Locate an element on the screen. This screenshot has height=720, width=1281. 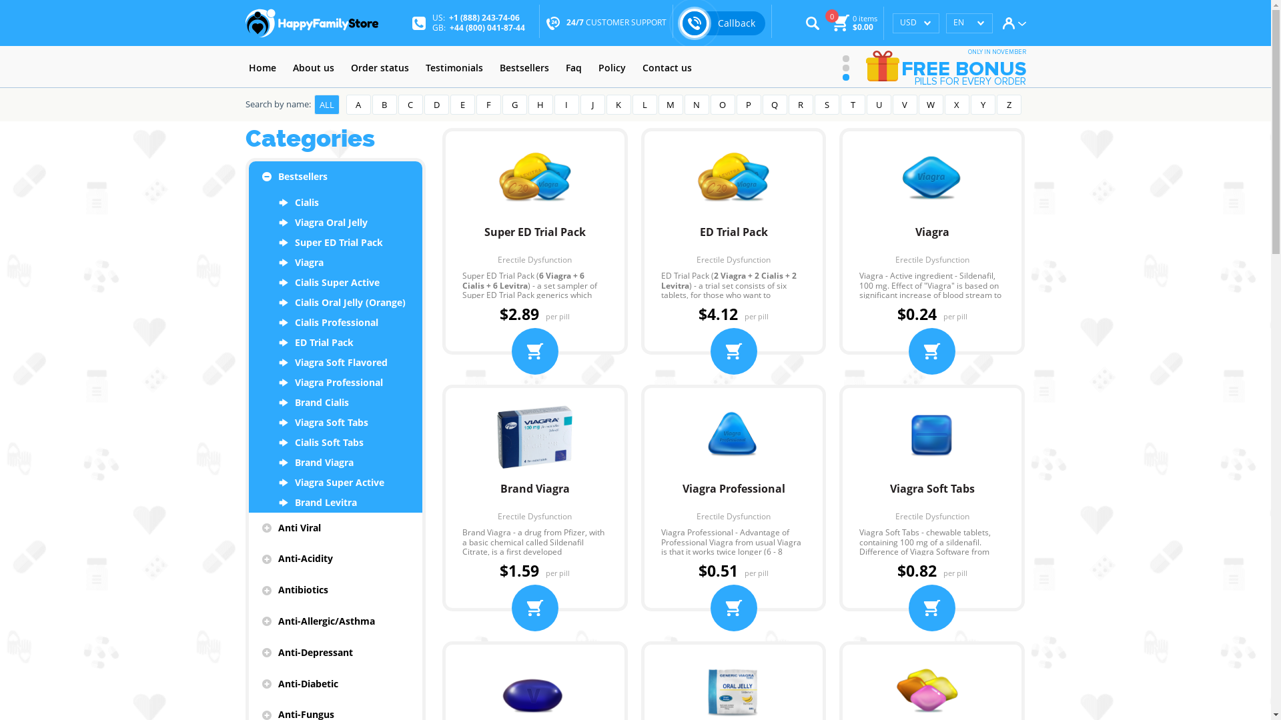
'E' is located at coordinates (462, 104).